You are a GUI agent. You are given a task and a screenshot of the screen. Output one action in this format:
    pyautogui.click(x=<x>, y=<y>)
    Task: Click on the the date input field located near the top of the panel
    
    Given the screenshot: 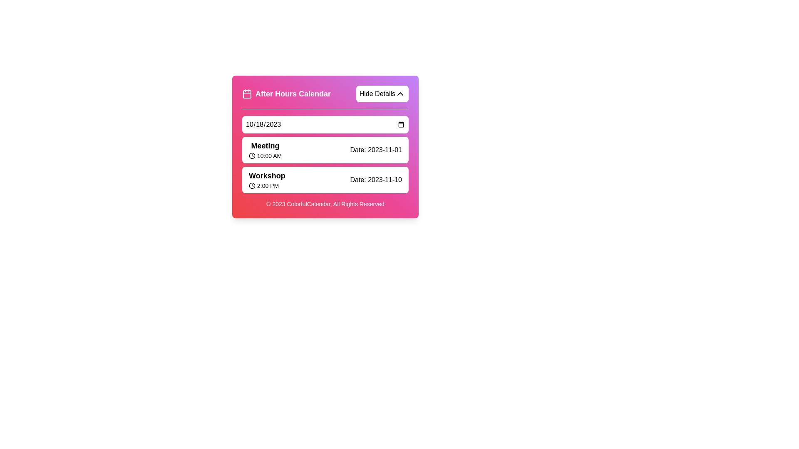 What is the action you would take?
    pyautogui.click(x=325, y=125)
    